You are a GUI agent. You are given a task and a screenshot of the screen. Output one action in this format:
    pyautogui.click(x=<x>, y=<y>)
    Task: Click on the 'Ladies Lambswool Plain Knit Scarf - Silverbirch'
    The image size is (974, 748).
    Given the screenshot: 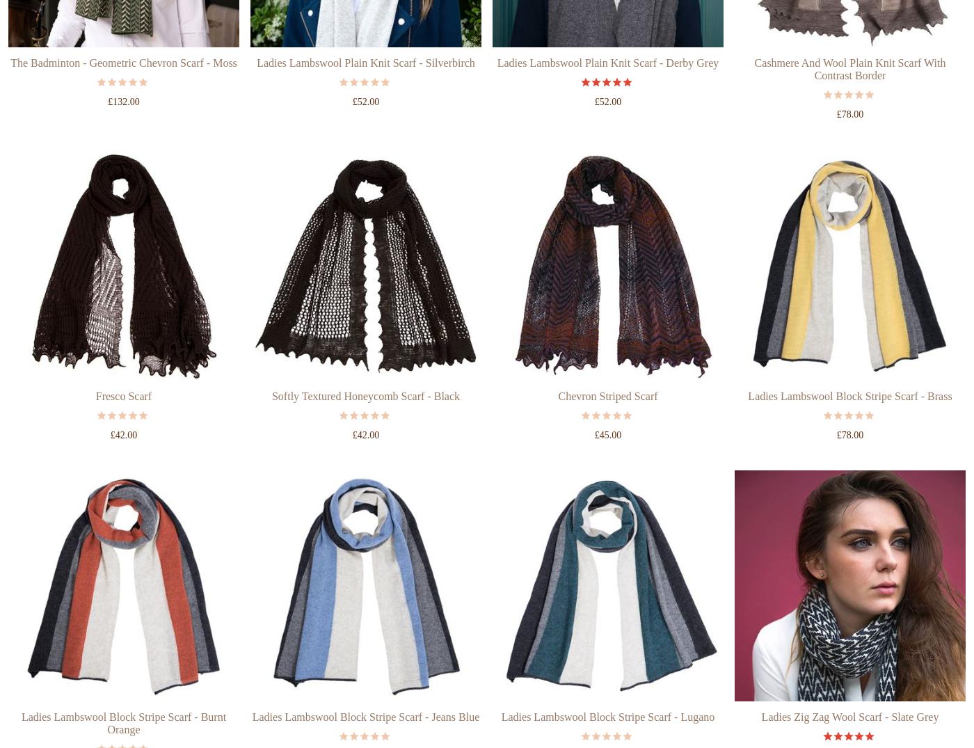 What is the action you would take?
    pyautogui.click(x=365, y=115)
    